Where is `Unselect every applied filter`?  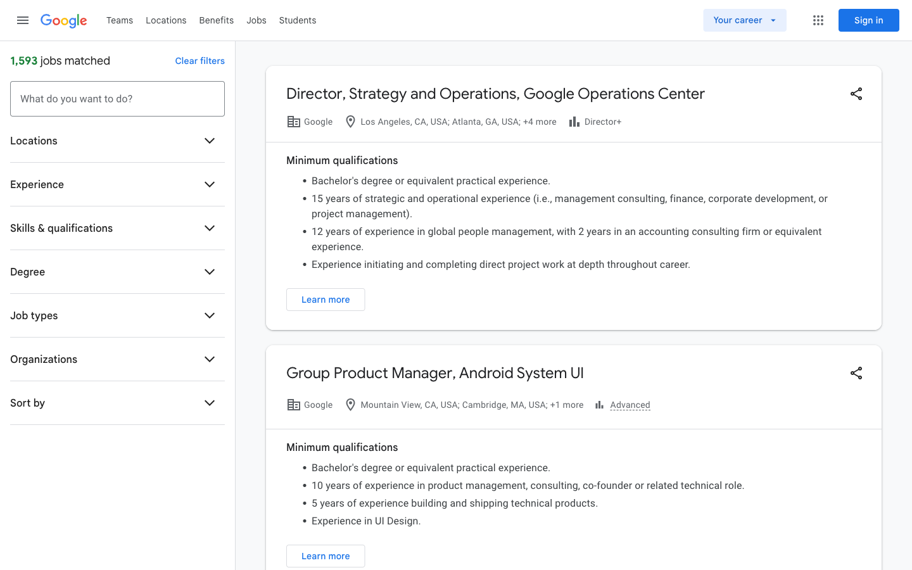 Unselect every applied filter is located at coordinates (199, 60).